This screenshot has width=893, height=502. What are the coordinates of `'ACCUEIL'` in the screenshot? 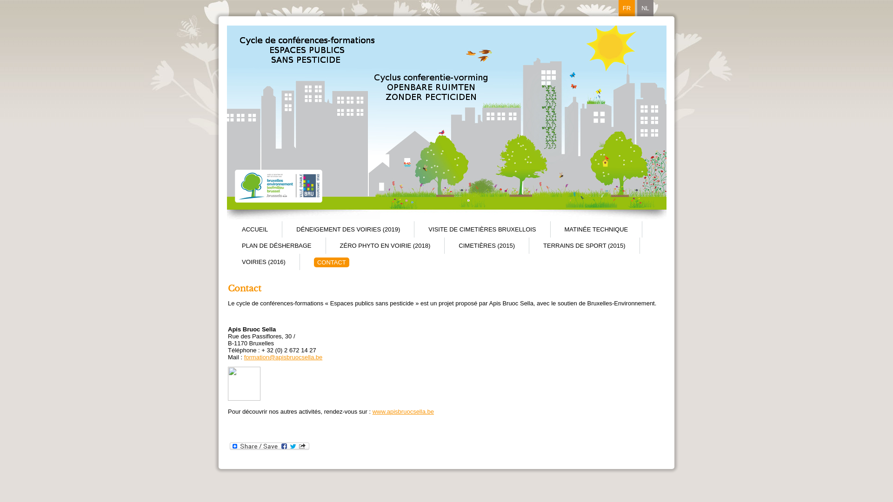 It's located at (254, 229).